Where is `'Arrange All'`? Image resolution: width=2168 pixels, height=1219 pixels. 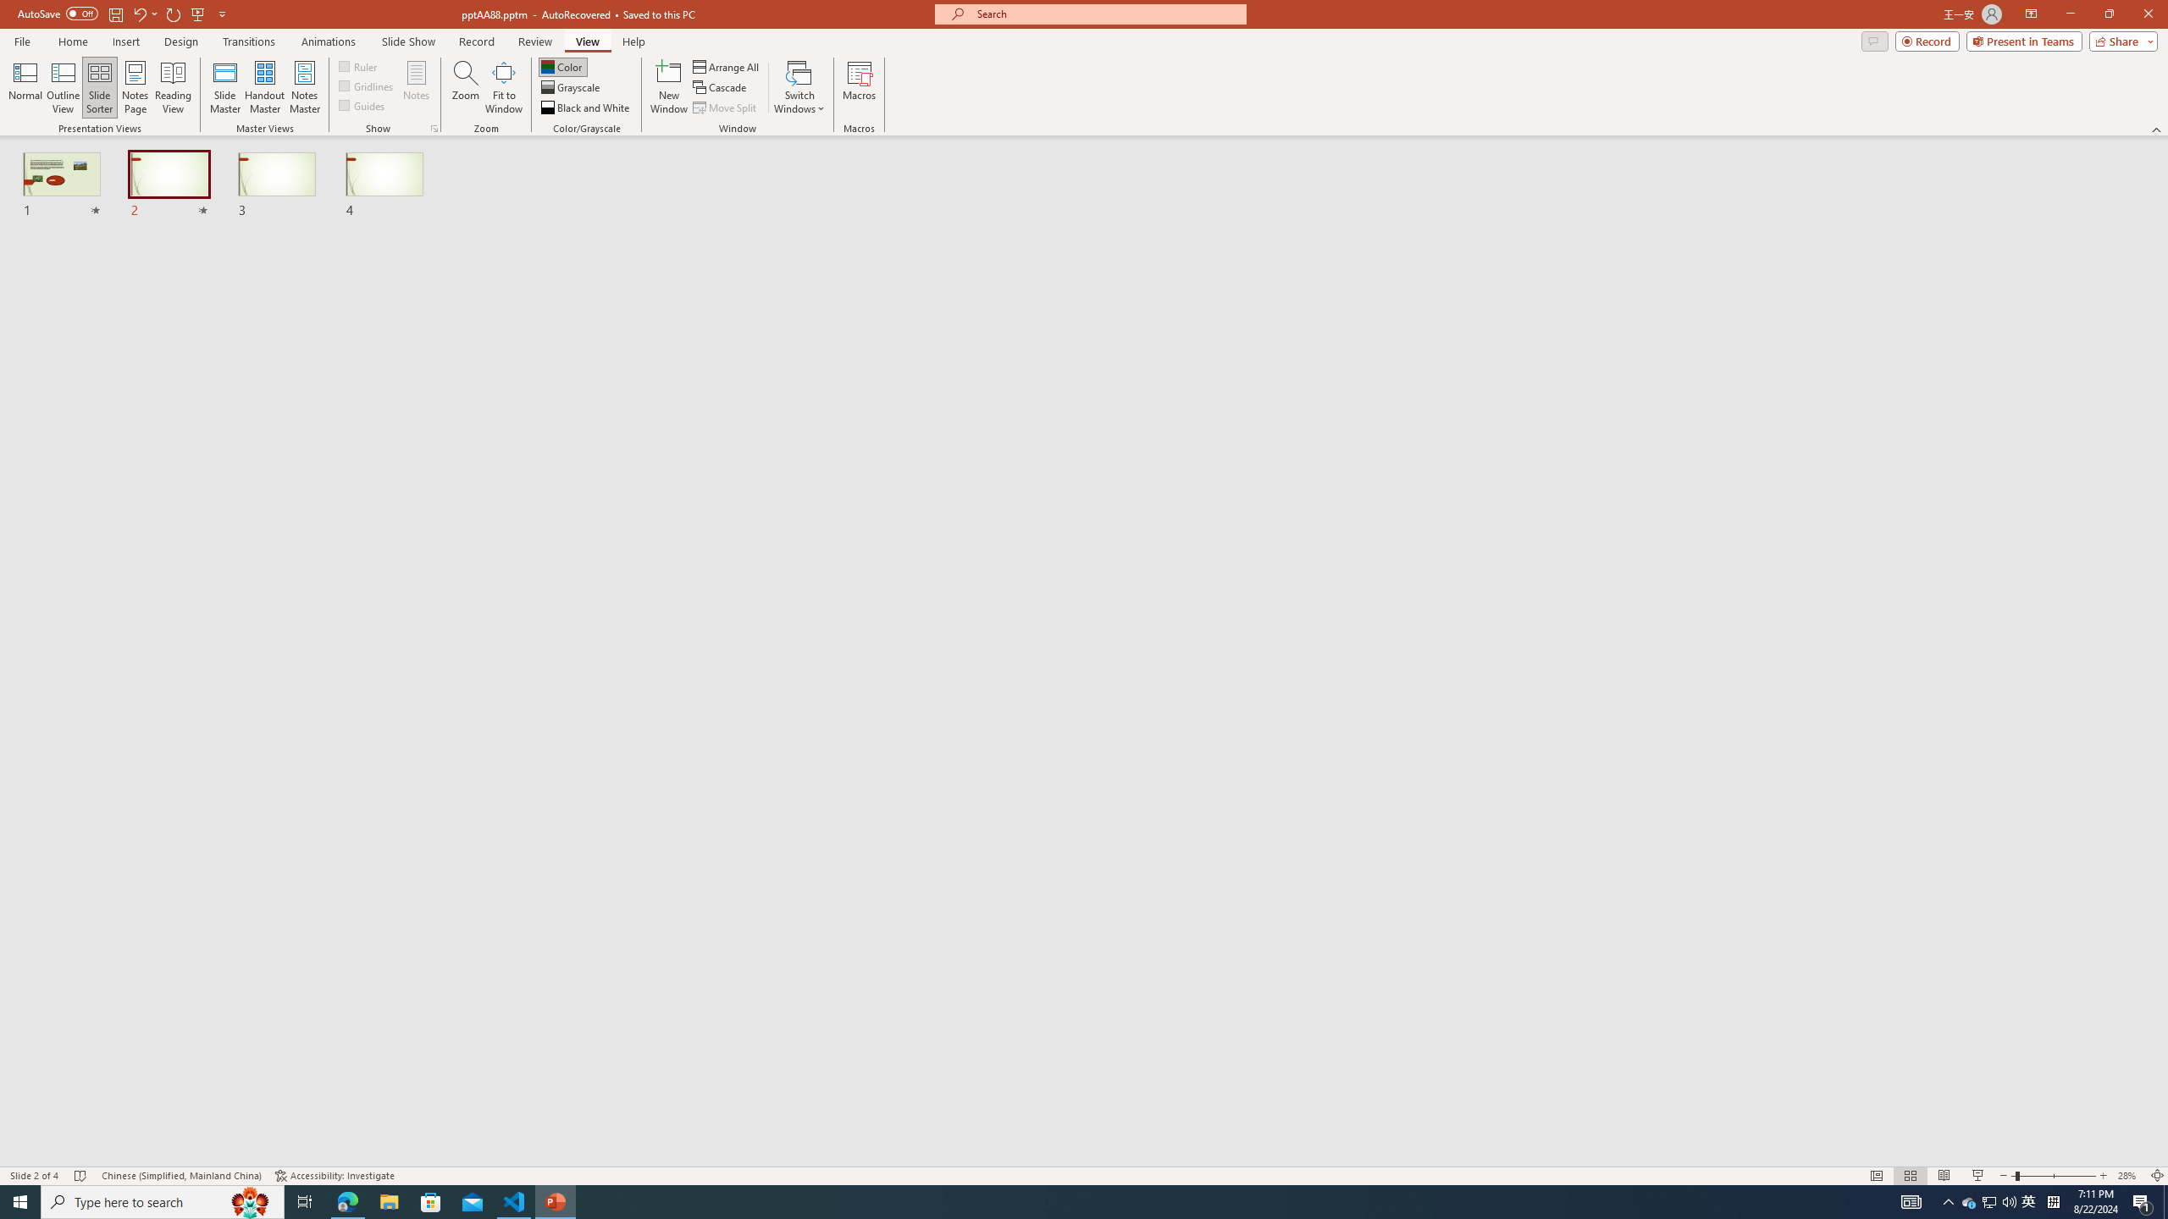
'Arrange All' is located at coordinates (726, 66).